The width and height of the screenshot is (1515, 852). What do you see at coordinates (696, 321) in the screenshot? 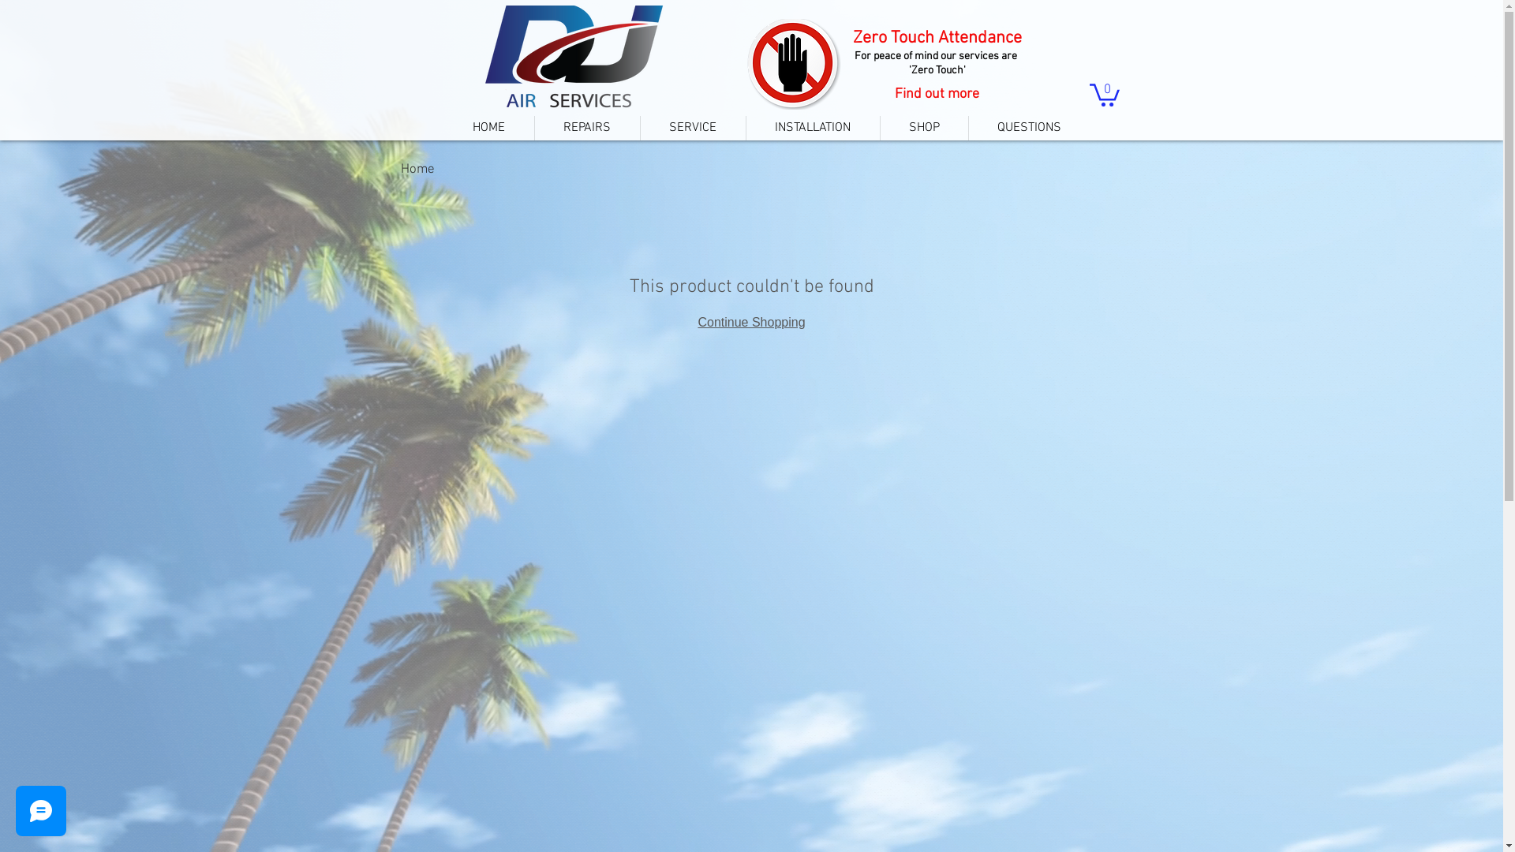
I see `'Continue Shopping'` at bounding box center [696, 321].